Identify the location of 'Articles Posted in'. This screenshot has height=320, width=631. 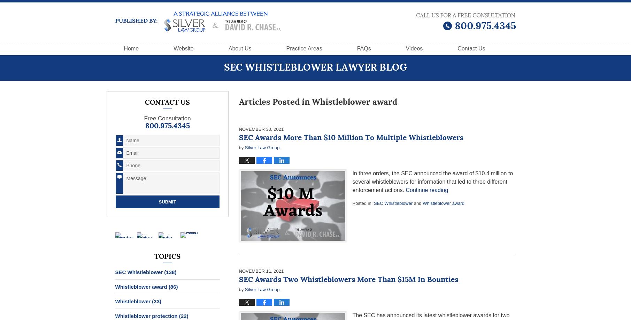
(274, 102).